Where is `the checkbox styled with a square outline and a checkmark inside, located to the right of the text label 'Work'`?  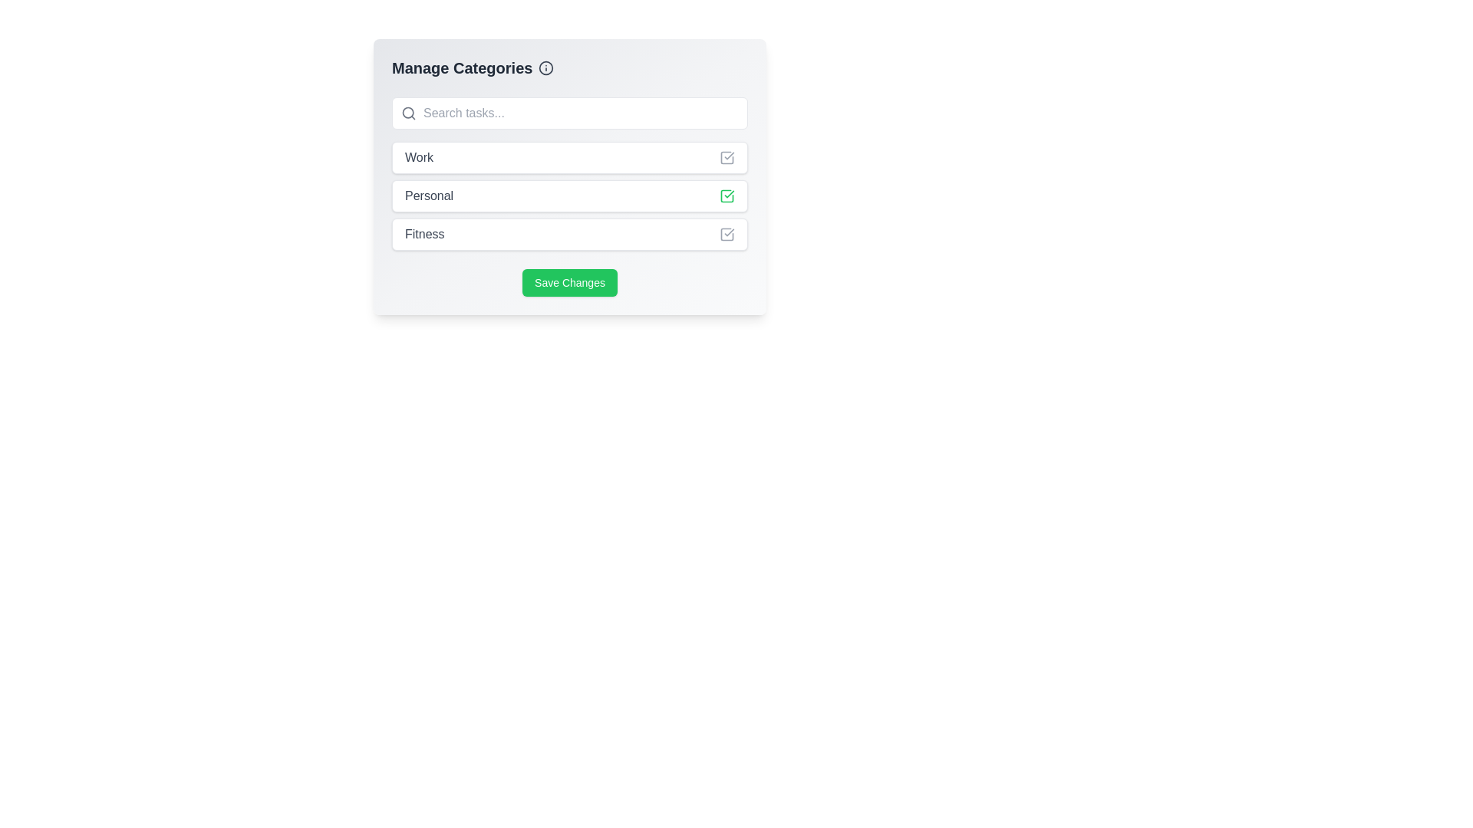 the checkbox styled with a square outline and a checkmark inside, located to the right of the text label 'Work' is located at coordinates (727, 157).